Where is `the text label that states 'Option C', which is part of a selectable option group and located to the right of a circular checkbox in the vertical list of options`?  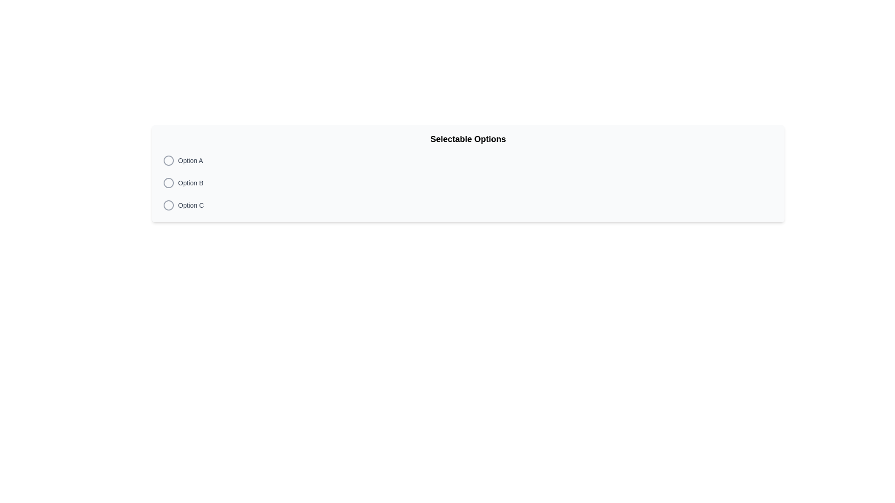
the text label that states 'Option C', which is part of a selectable option group and located to the right of a circular checkbox in the vertical list of options is located at coordinates (190, 204).